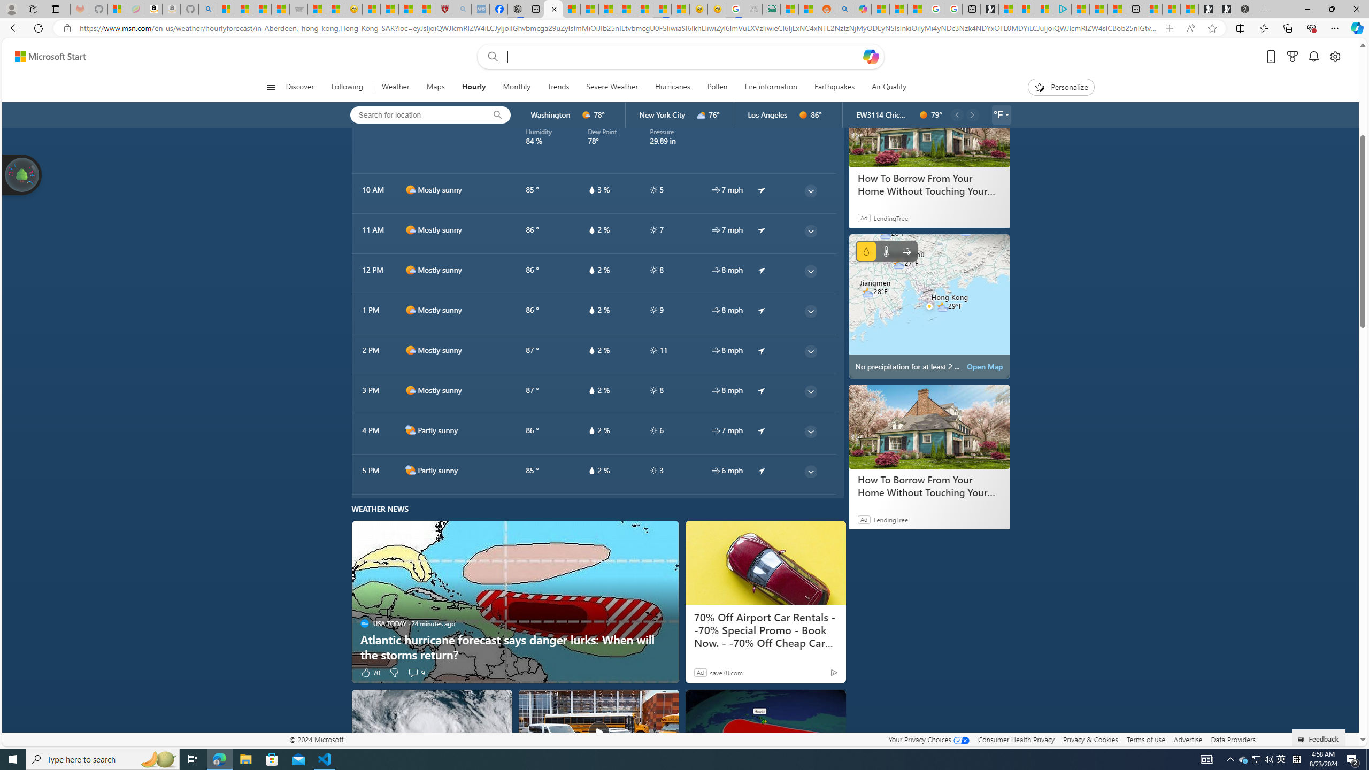 The height and width of the screenshot is (770, 1369). Describe the element at coordinates (922, 114) in the screenshot. I see `'d0000'` at that location.